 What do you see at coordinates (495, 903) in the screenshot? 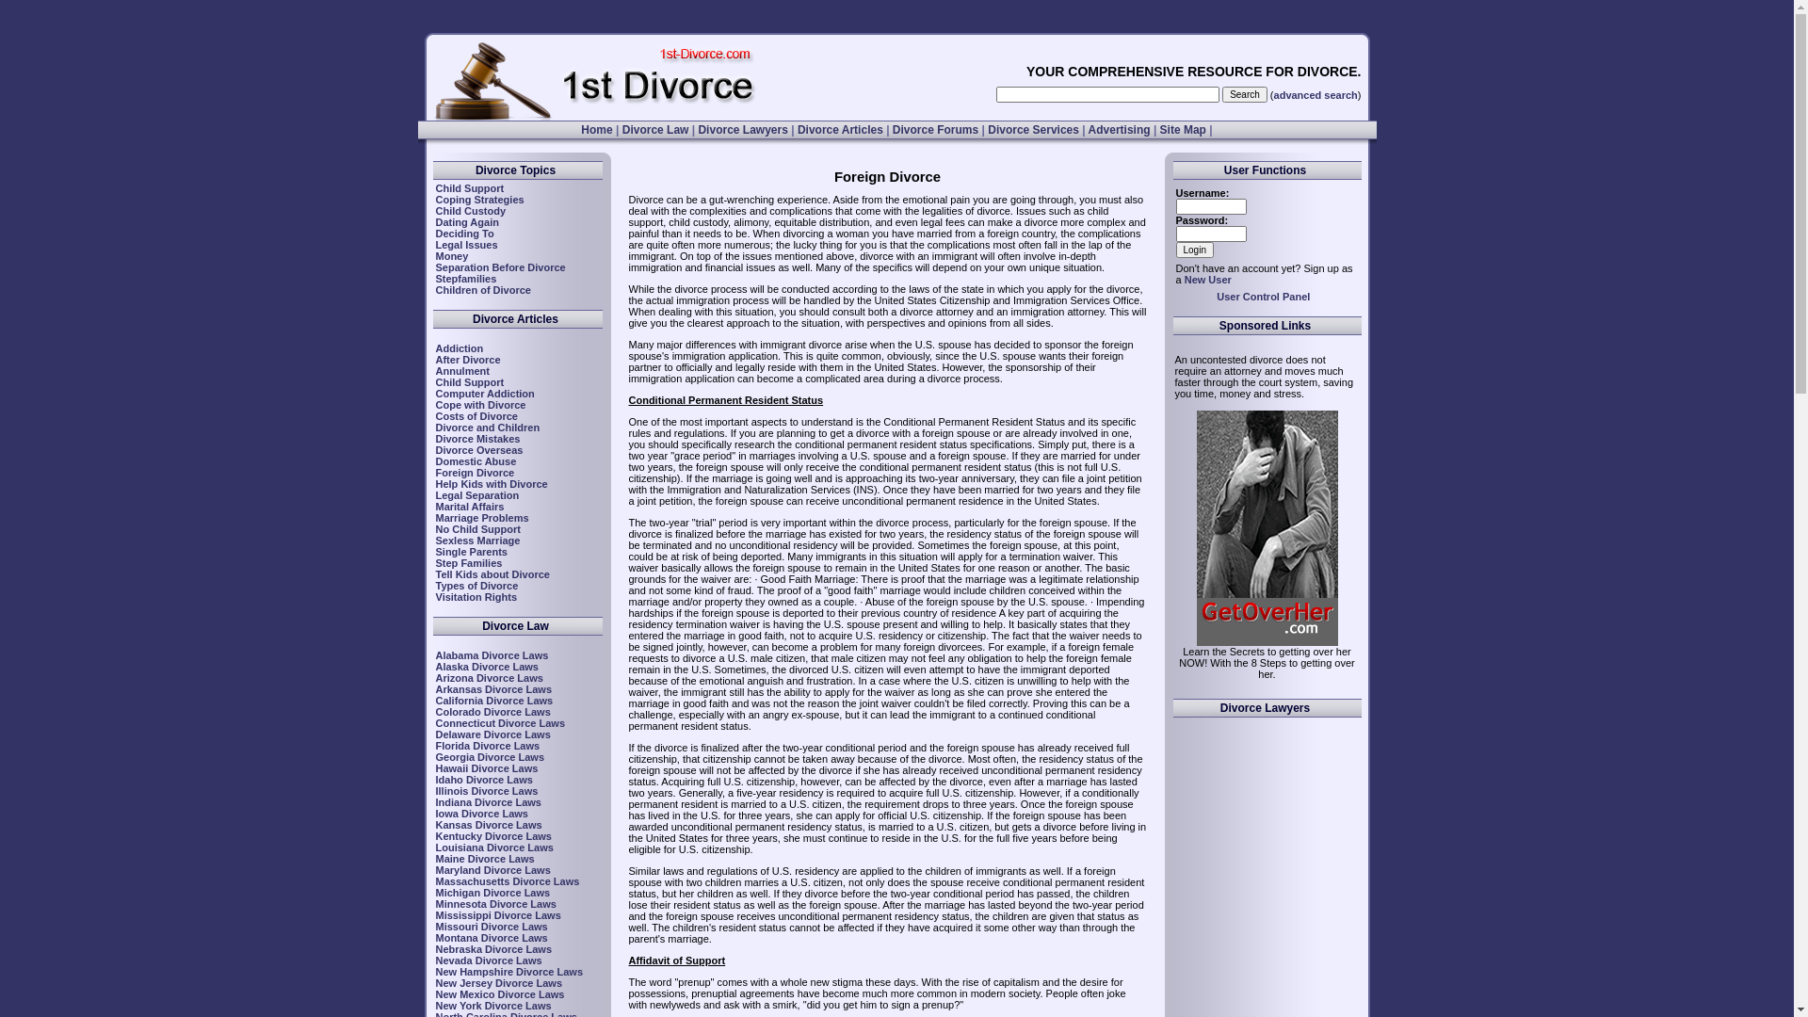
I see `'Minnesota Divorce Laws'` at bounding box center [495, 903].